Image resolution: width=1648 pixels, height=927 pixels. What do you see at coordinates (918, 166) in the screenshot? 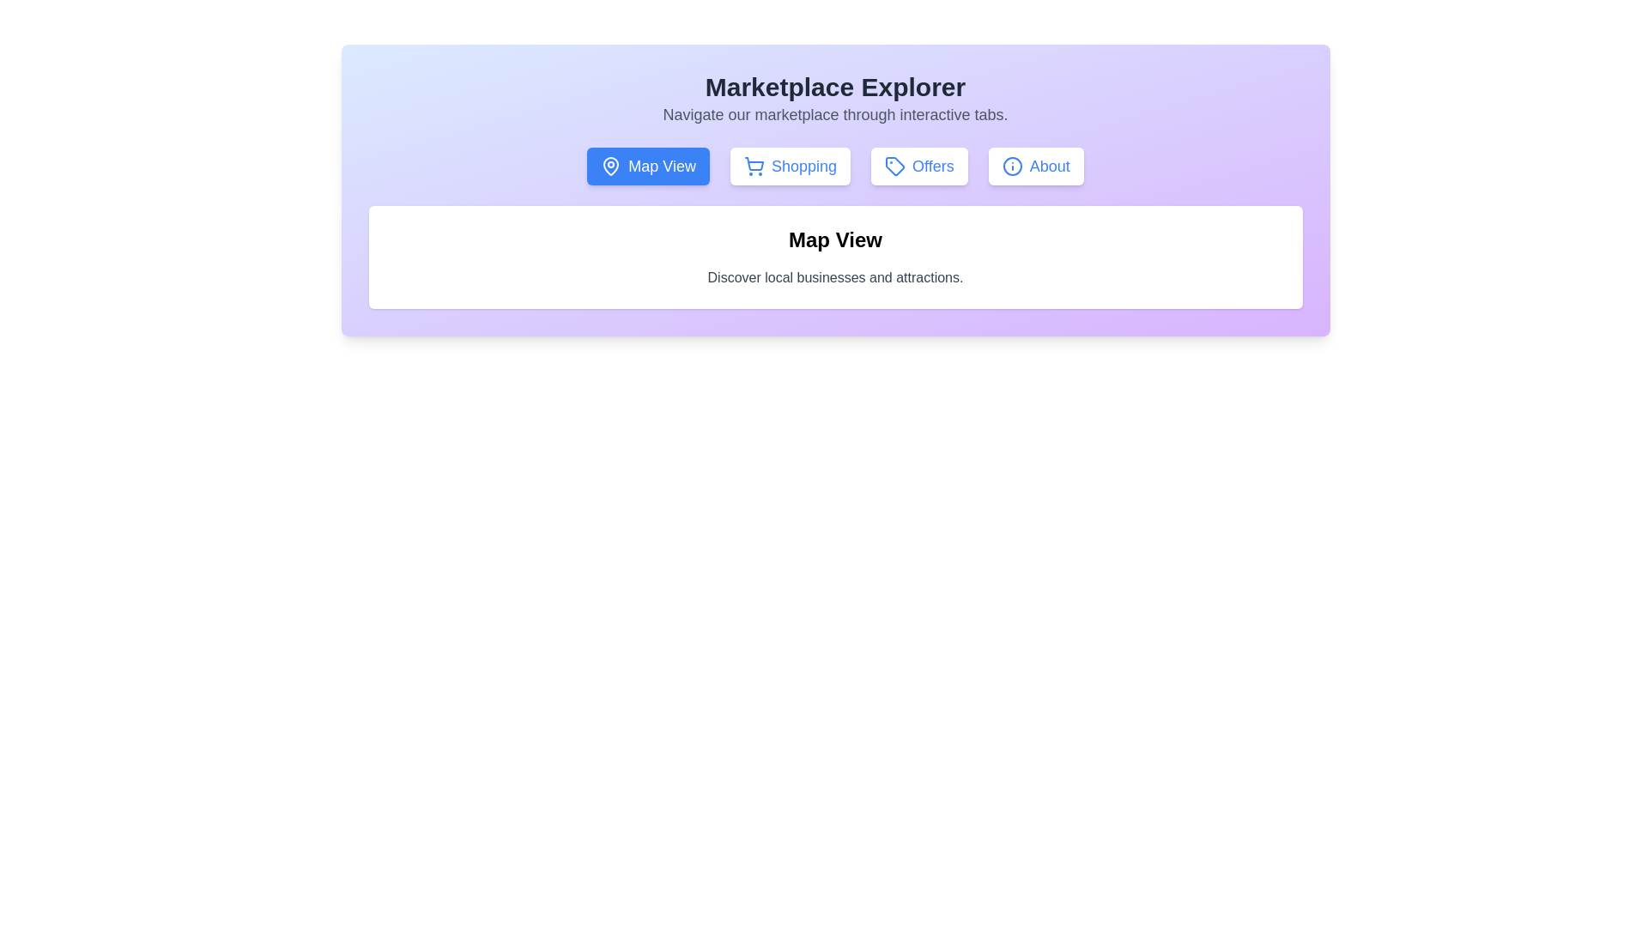
I see `the tab labeled Offers to view its content` at bounding box center [918, 166].